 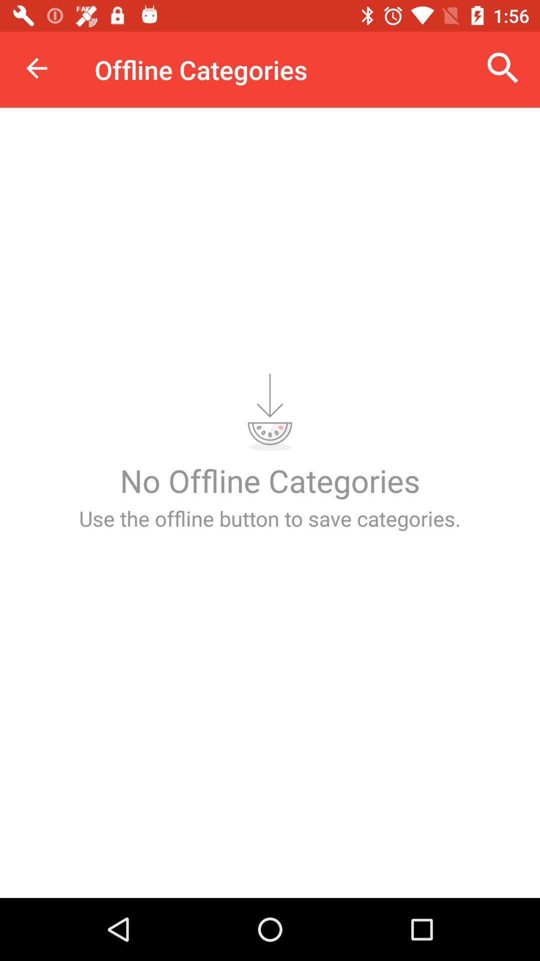 What do you see at coordinates (36, 68) in the screenshot?
I see `the item next to the offline categories` at bounding box center [36, 68].